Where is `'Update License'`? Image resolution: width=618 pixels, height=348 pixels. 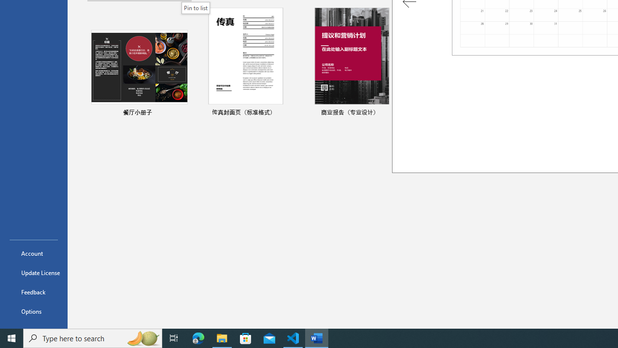
'Update License' is located at coordinates (33, 273).